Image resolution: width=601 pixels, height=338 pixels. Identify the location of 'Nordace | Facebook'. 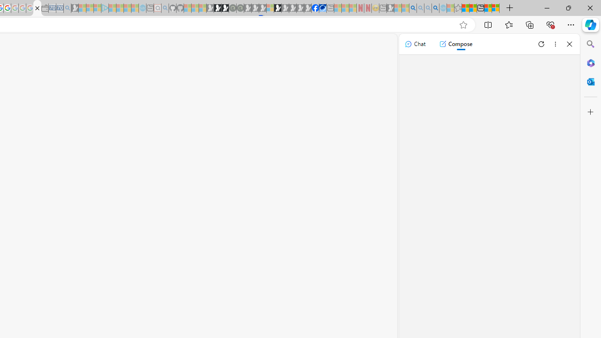
(316, 8).